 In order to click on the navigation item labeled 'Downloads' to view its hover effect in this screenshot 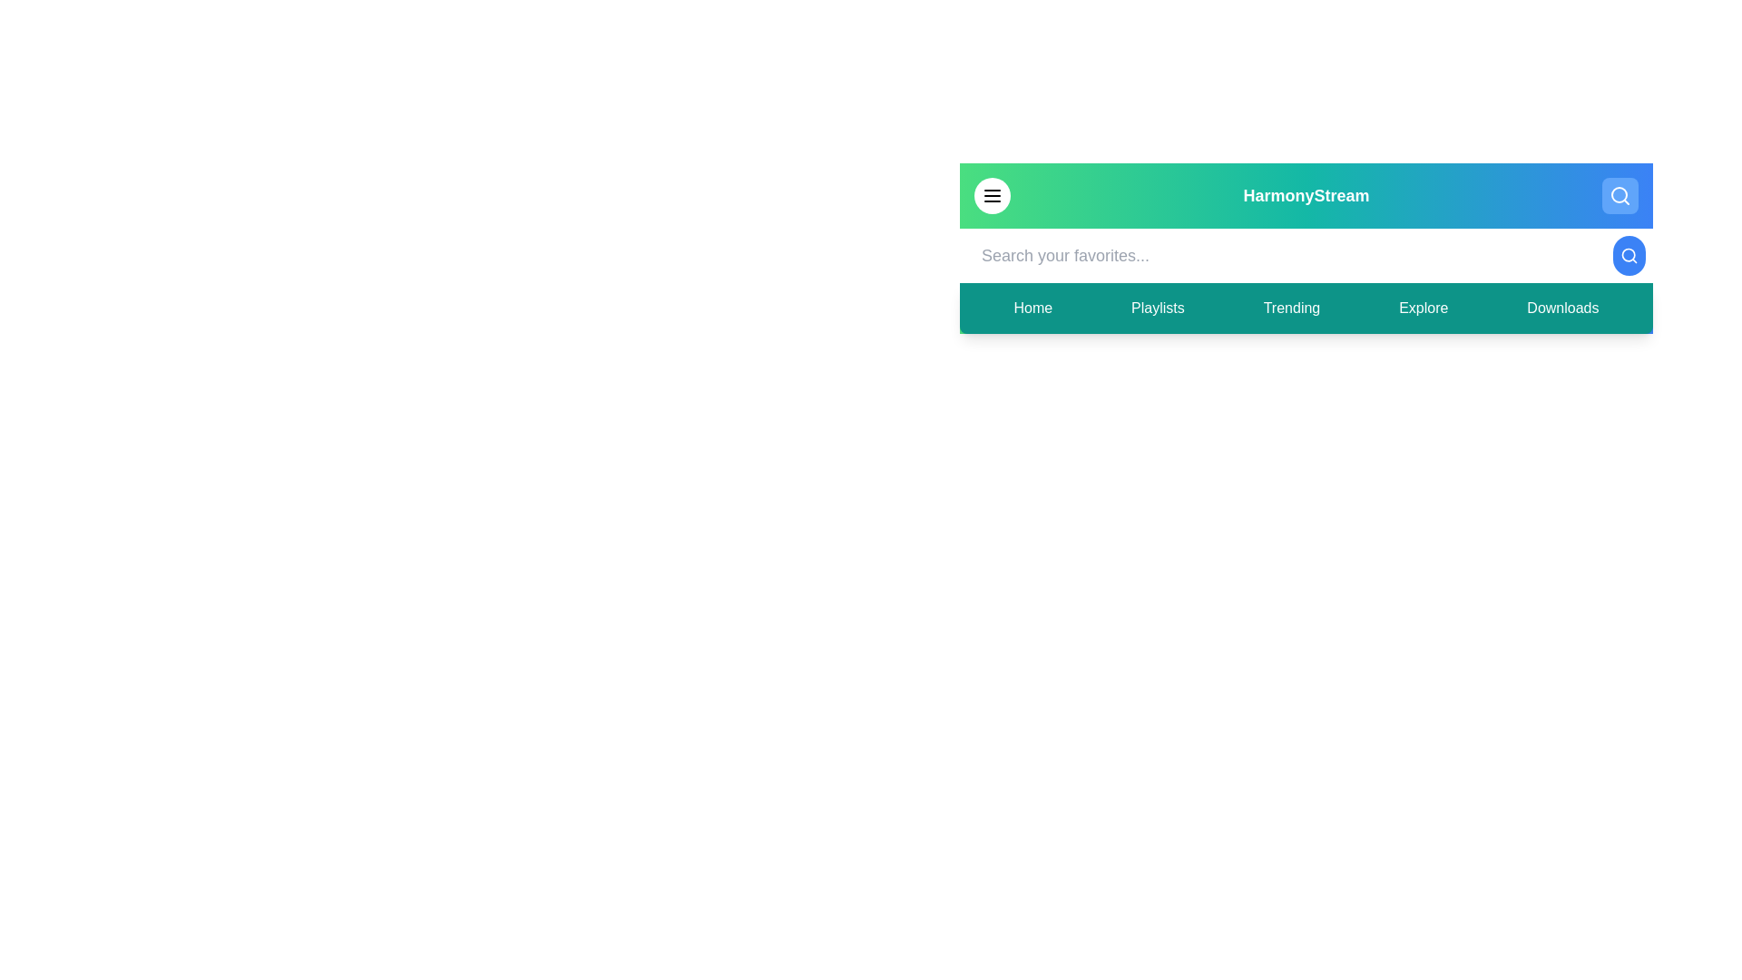, I will do `click(1562, 307)`.